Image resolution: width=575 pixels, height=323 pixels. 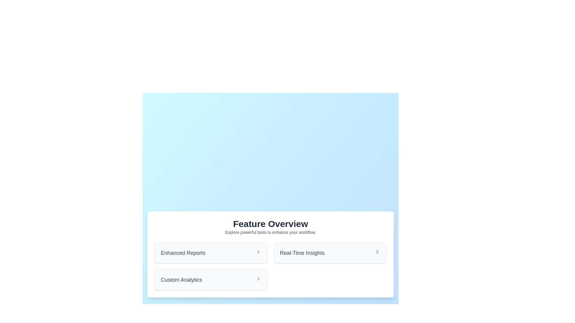 What do you see at coordinates (377, 252) in the screenshot?
I see `the right-pointing chevron icon located at the far right of the 'Real-Time Insights' section` at bounding box center [377, 252].